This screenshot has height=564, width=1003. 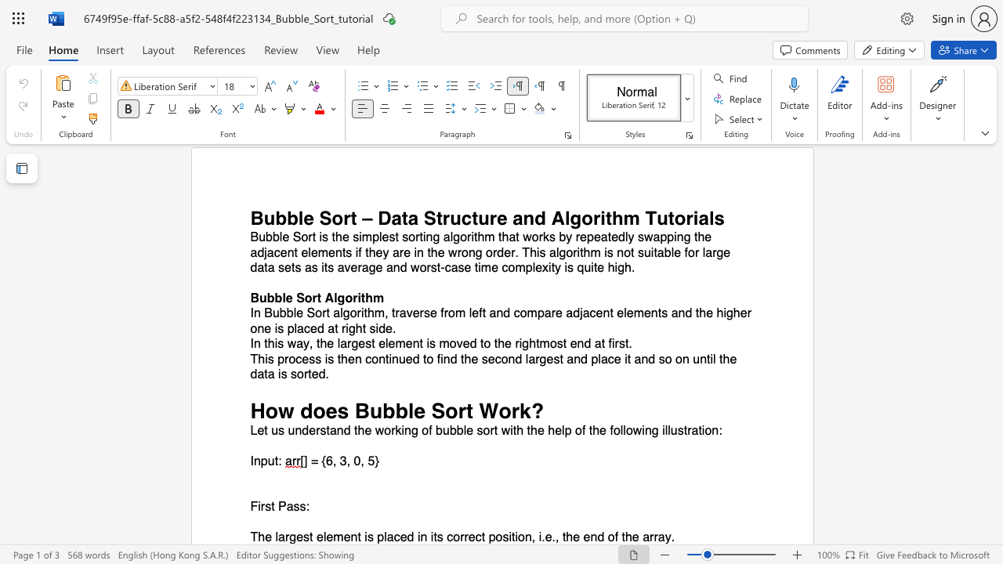 What do you see at coordinates (407, 537) in the screenshot?
I see `the subset text "d i" within the text "The largest element is placed in its correct position, i.e., the end of the array."` at bounding box center [407, 537].